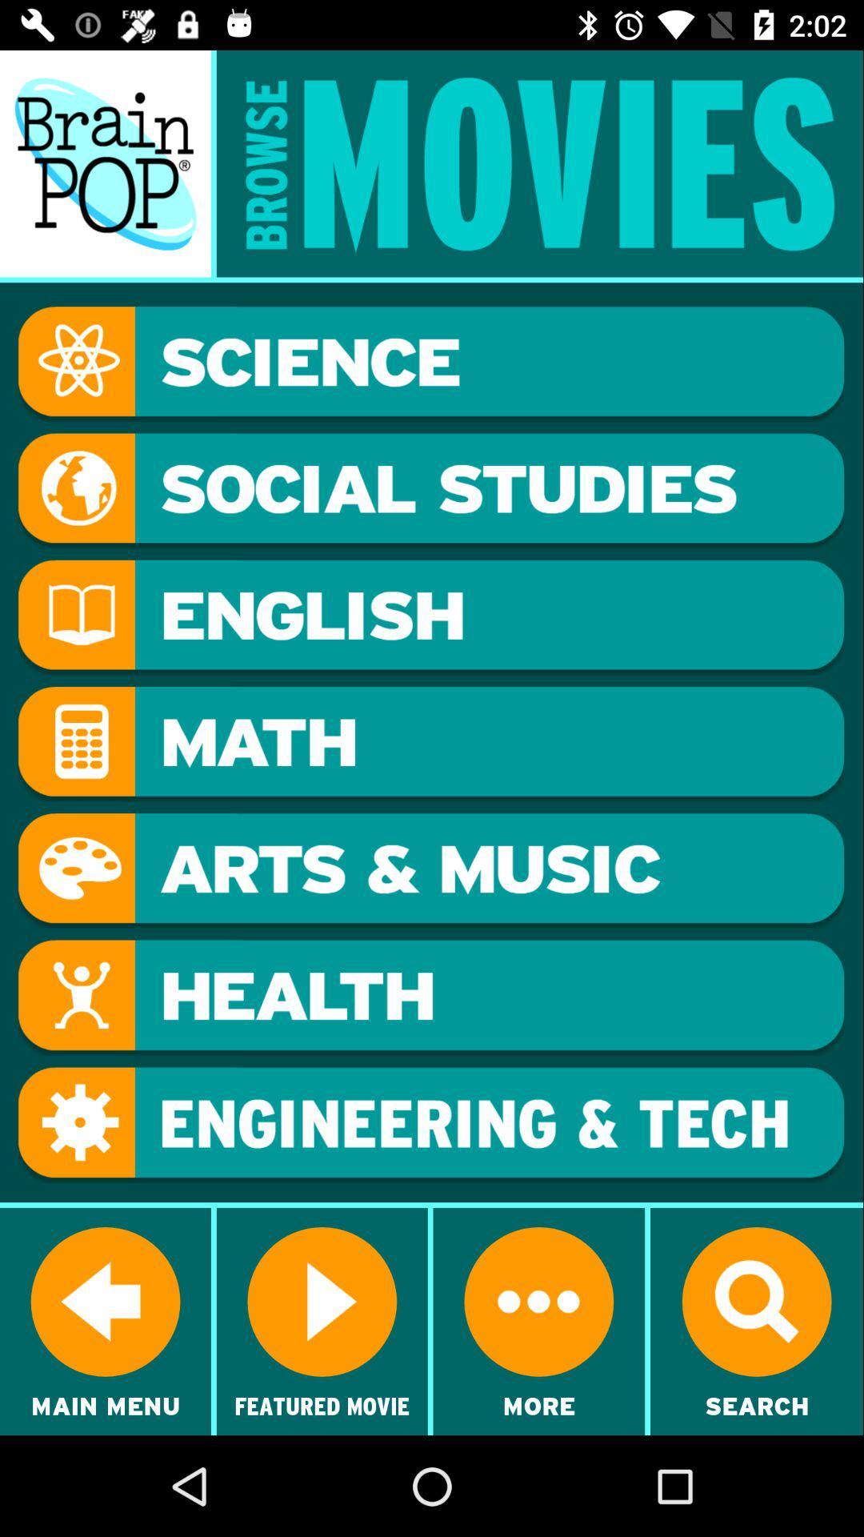 This screenshot has width=864, height=1537. Describe the element at coordinates (430, 490) in the screenshot. I see `show movies in the social studies category` at that location.